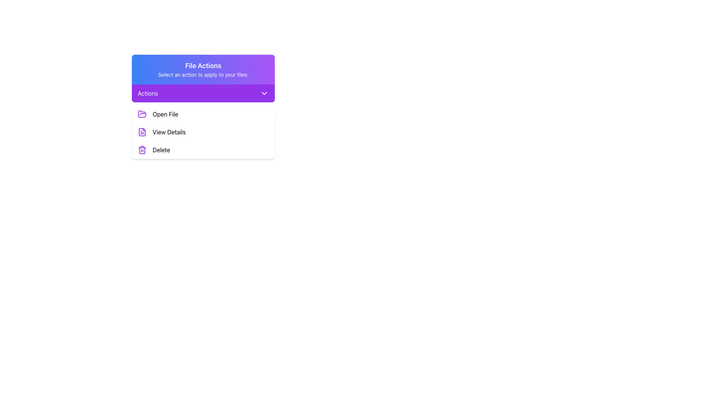 This screenshot has height=402, width=715. What do you see at coordinates (203, 66) in the screenshot?
I see `the Text Label that serves as the title or heading for the section, positioned above the text 'Select an action to apply to your files:', located in the top gradient-colored section of the interface` at bounding box center [203, 66].